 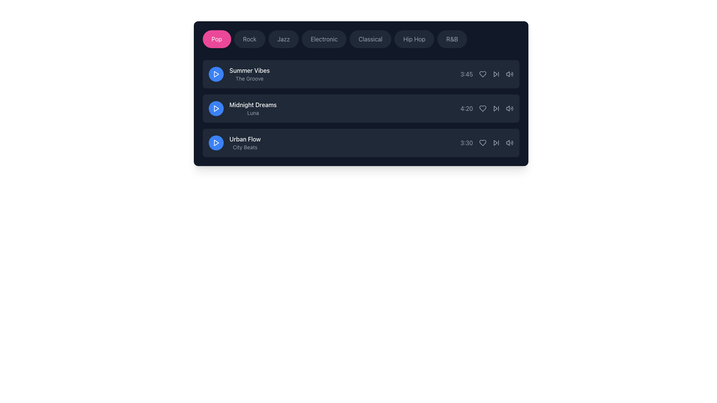 I want to click on the mute function icon of the volume control located in the top right corner of the audio track's options bar, so click(x=508, y=74).